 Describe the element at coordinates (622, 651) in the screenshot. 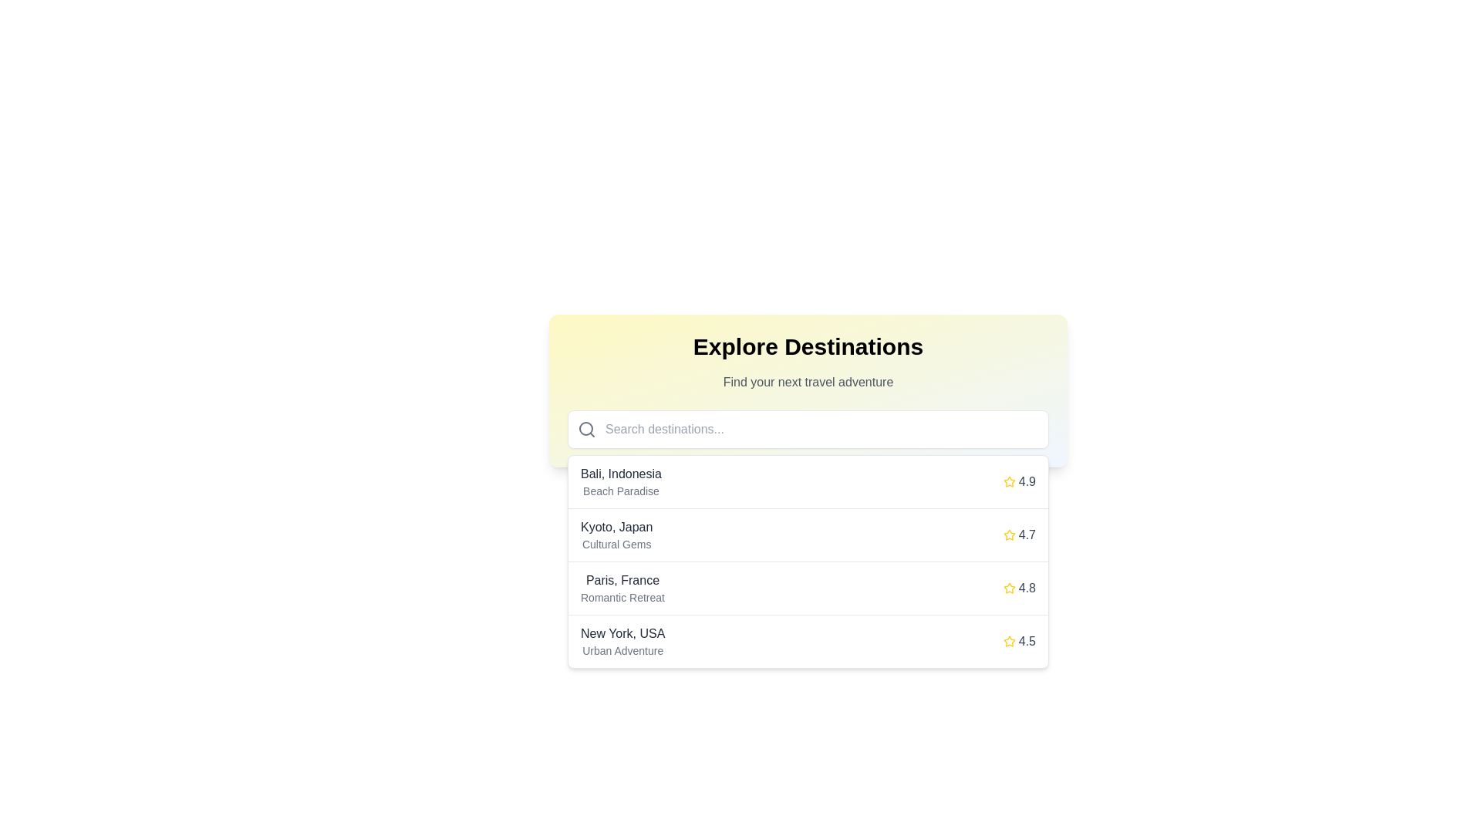

I see `text of the Label that provides additional context about the destination, located below the prominent 'New York, USA' text in the list of destinations` at that location.